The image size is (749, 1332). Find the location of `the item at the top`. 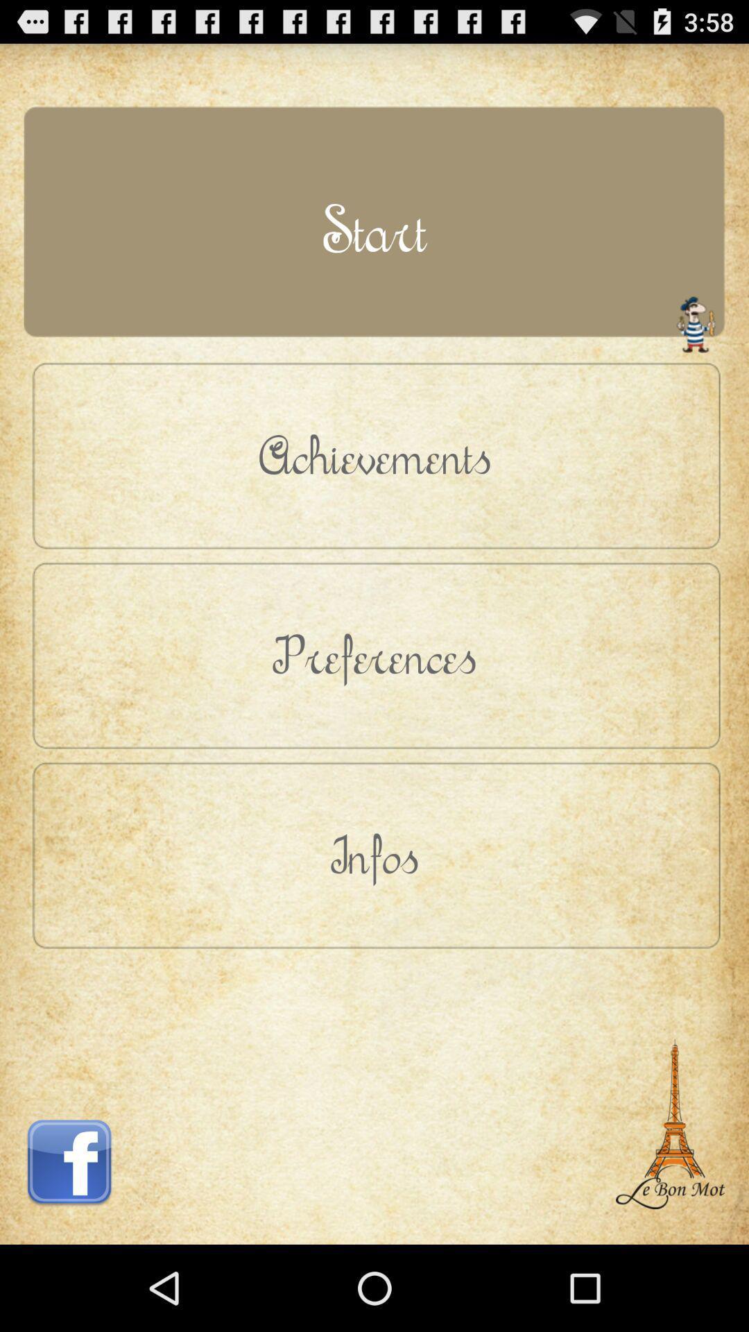

the item at the top is located at coordinates (374, 229).